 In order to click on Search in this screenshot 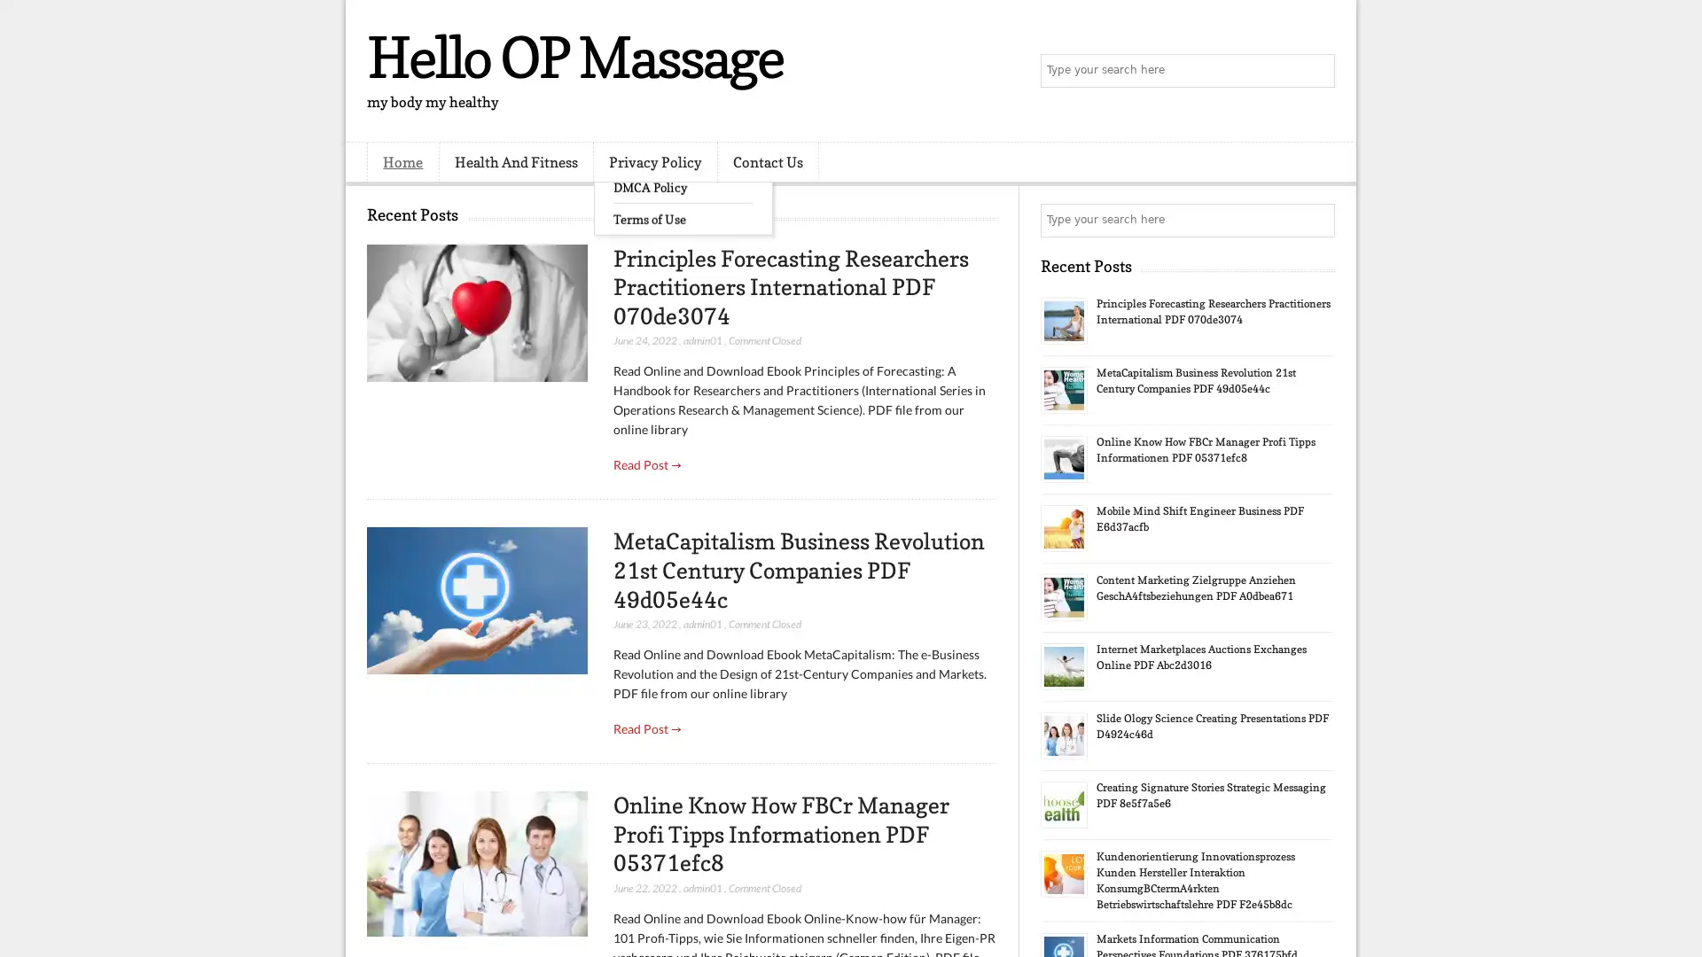, I will do `click(1316, 220)`.